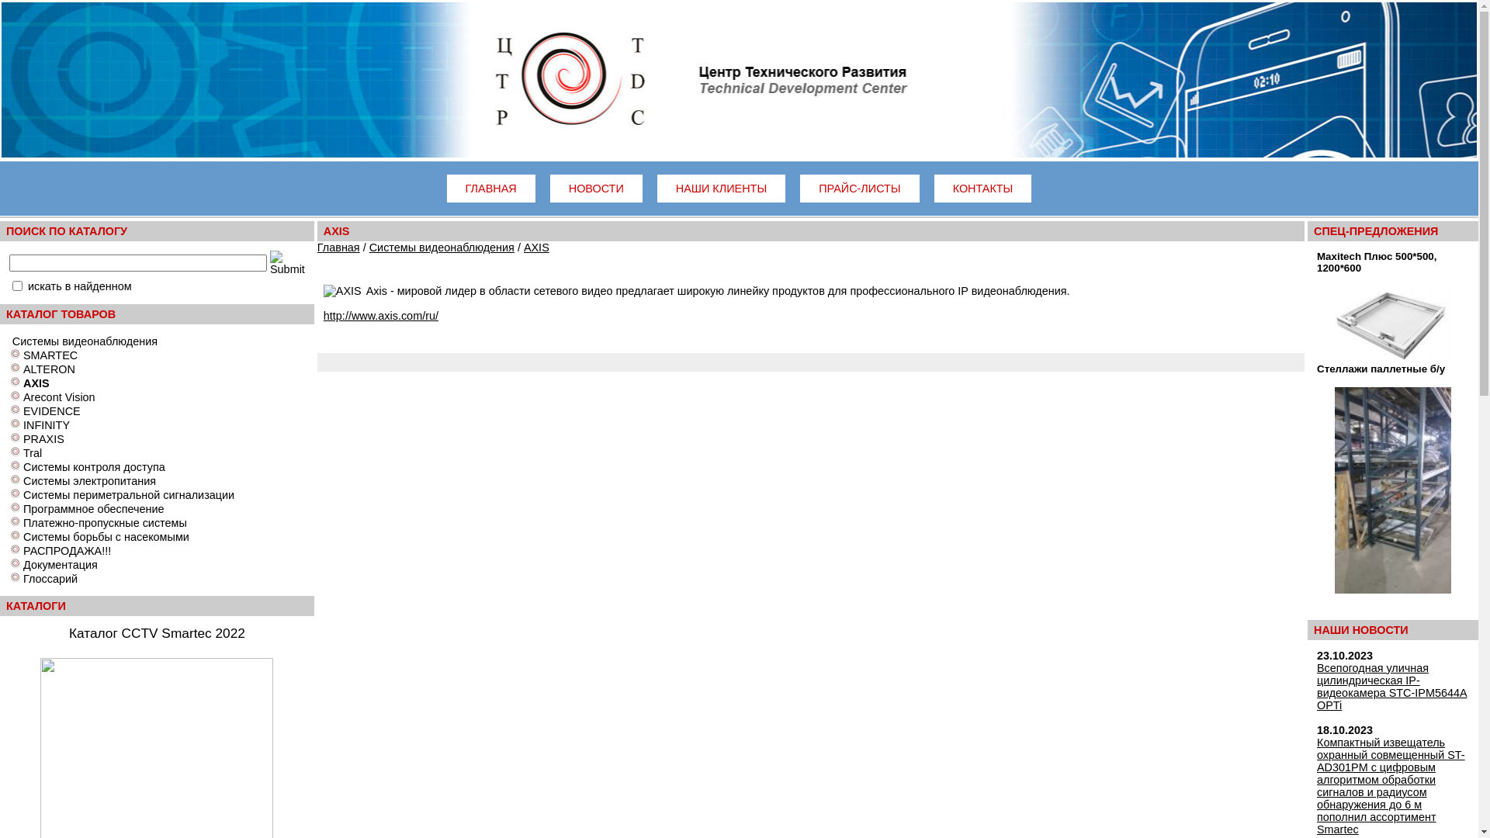  What do you see at coordinates (380, 315) in the screenshot?
I see `'http://www.axis.com/ru/'` at bounding box center [380, 315].